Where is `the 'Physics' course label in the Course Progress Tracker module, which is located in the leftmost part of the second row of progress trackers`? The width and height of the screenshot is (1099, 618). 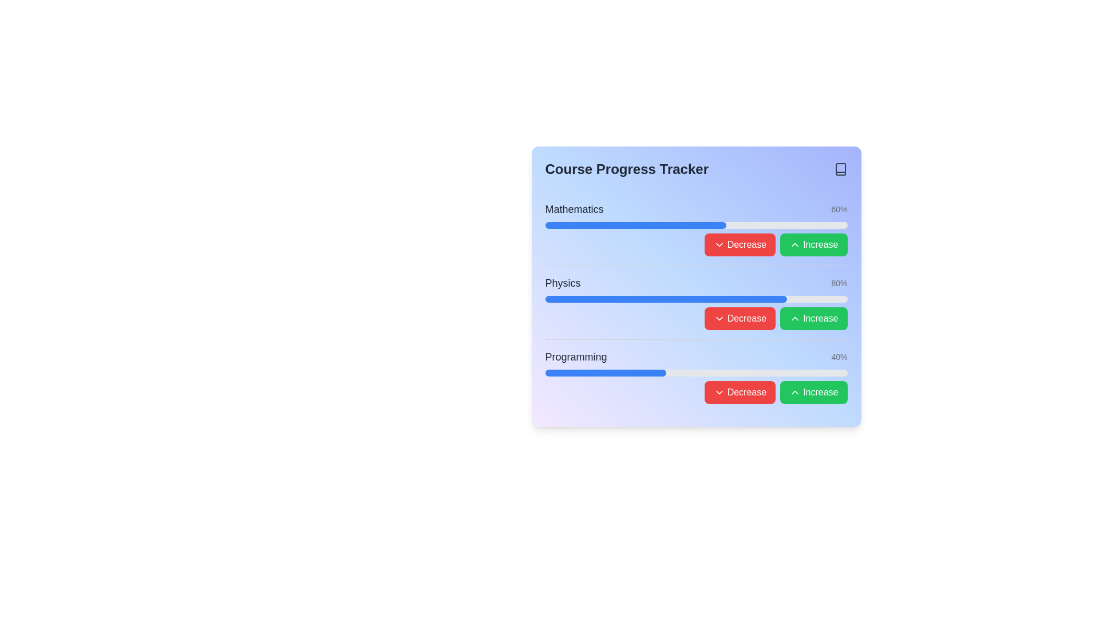
the 'Physics' course label in the Course Progress Tracker module, which is located in the leftmost part of the second row of progress trackers is located at coordinates (563, 283).